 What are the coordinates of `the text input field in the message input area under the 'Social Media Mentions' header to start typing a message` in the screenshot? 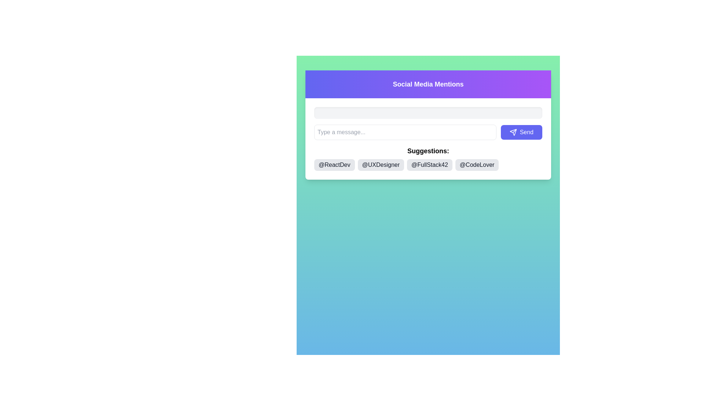 It's located at (428, 132).